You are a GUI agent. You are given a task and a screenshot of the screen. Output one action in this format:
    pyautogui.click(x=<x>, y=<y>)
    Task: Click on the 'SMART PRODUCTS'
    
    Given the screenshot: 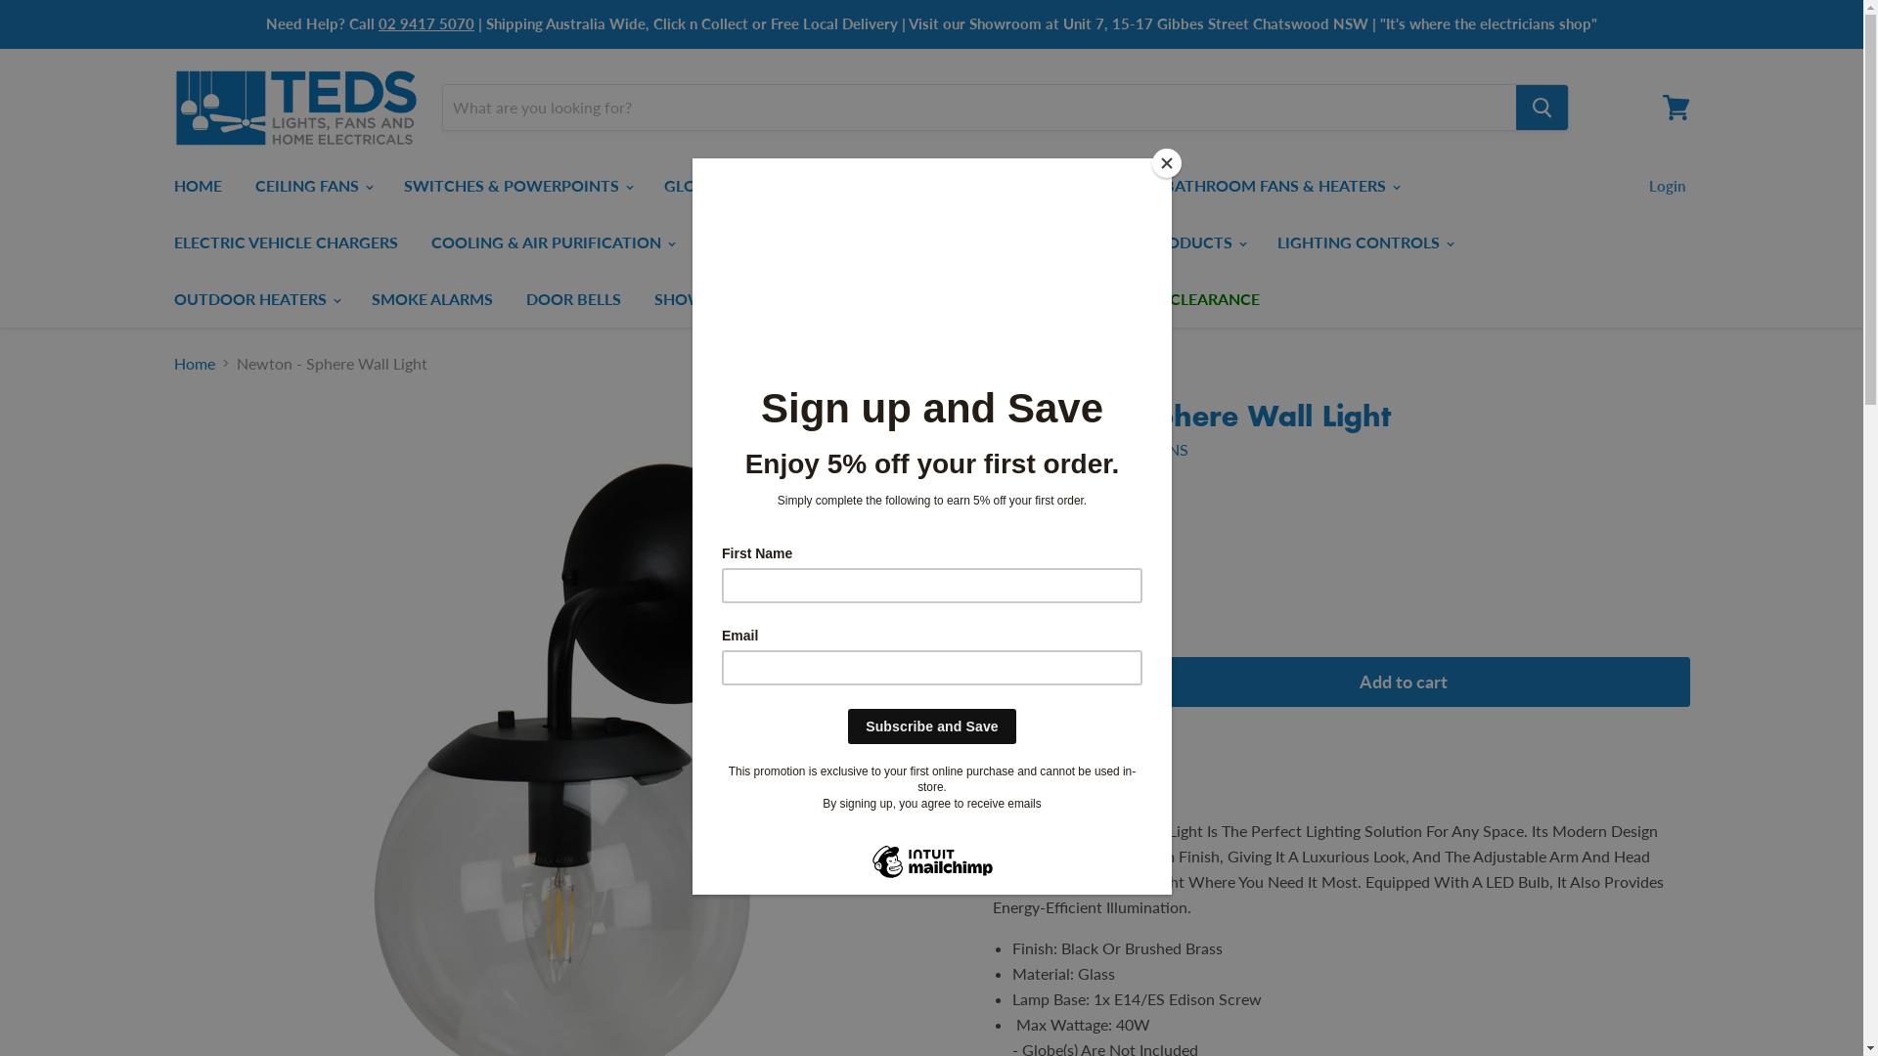 What is the action you would take?
    pyautogui.click(x=1073, y=241)
    